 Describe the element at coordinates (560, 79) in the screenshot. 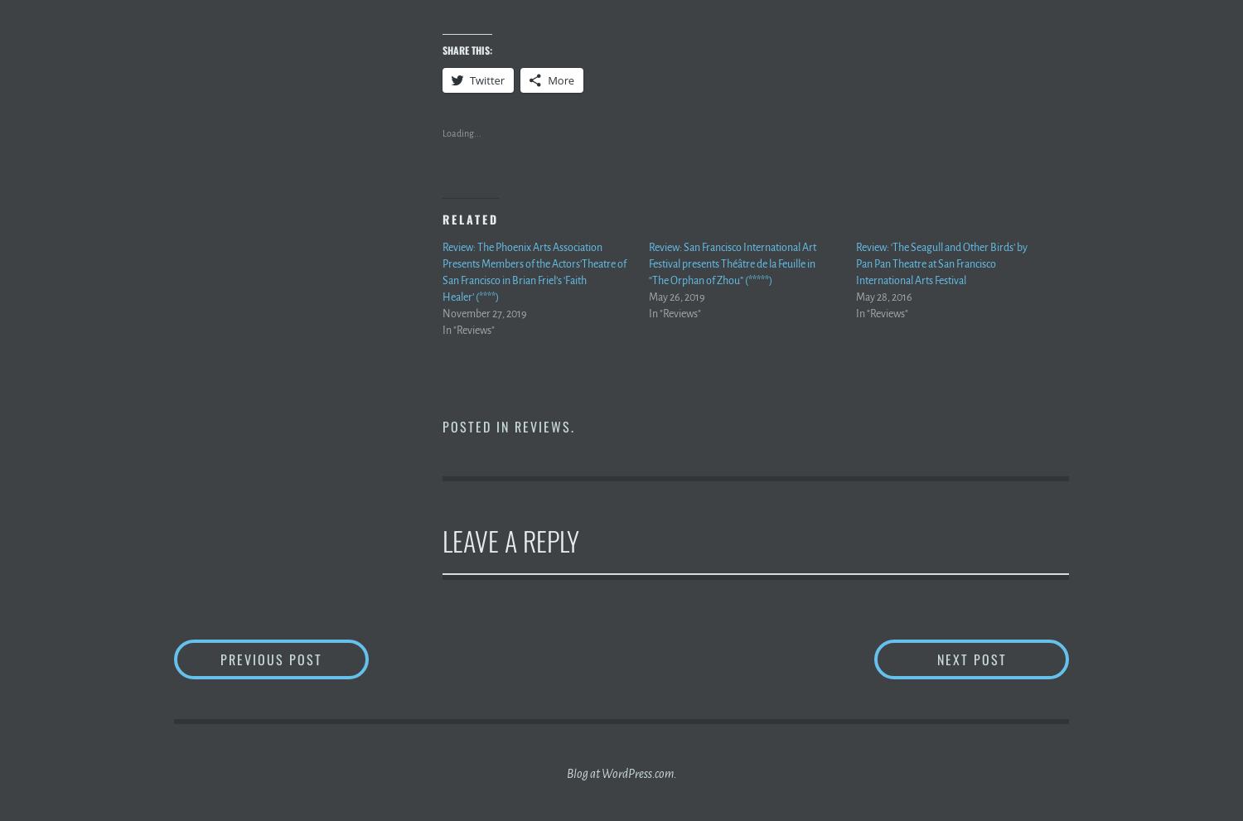

I see `'More'` at that location.